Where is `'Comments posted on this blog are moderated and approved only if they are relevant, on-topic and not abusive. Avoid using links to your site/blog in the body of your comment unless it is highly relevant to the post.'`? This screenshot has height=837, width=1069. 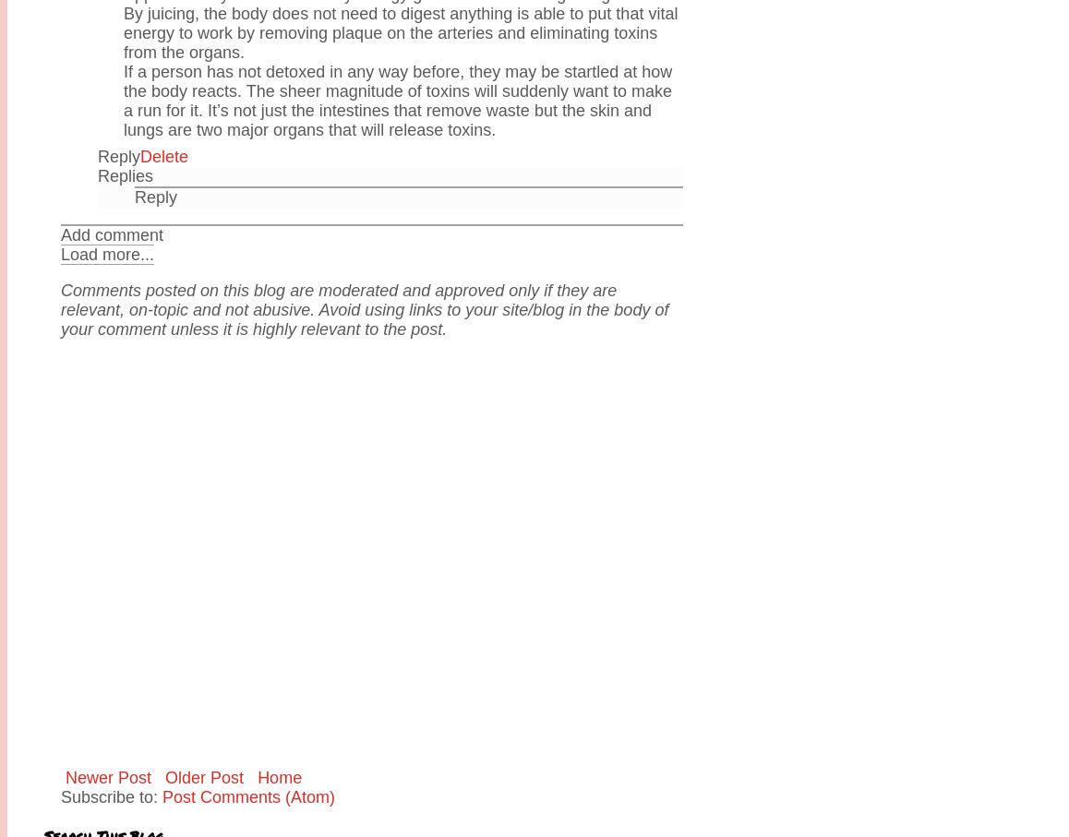
'Comments posted on this blog are moderated and approved only if they are relevant, on-topic and not abusive. Avoid using links to your site/blog in the body of your comment unless it is highly relevant to the post.' is located at coordinates (363, 307).